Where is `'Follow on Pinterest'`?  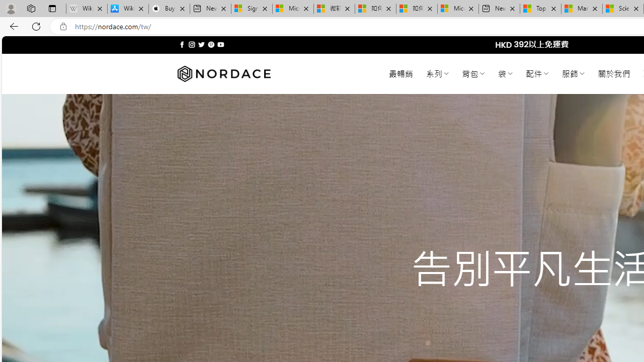 'Follow on Pinterest' is located at coordinates (210, 44).